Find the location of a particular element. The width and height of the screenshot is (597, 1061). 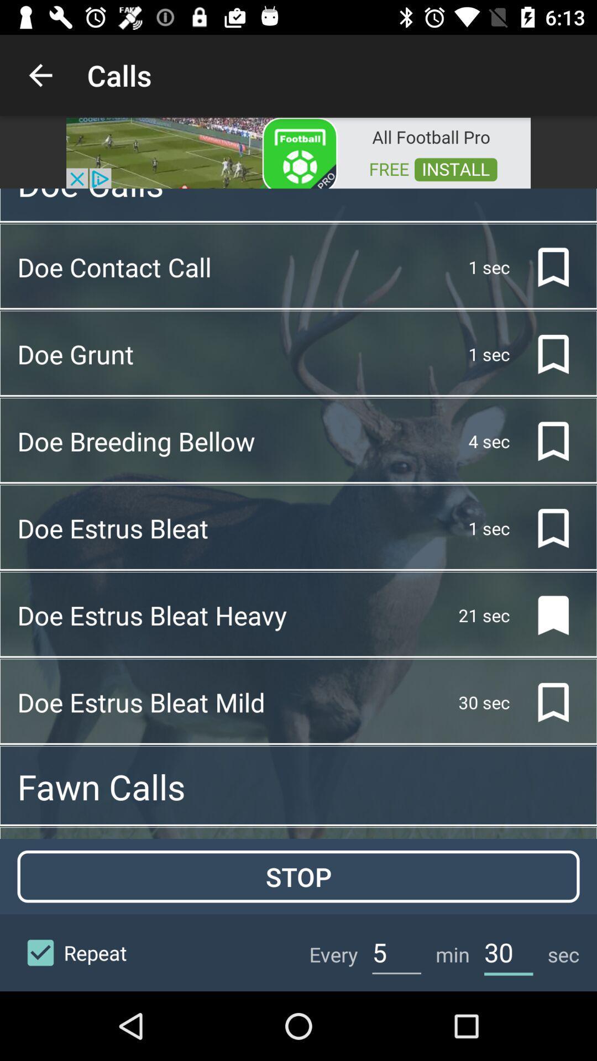

the bookmark icon is located at coordinates (544, 702).